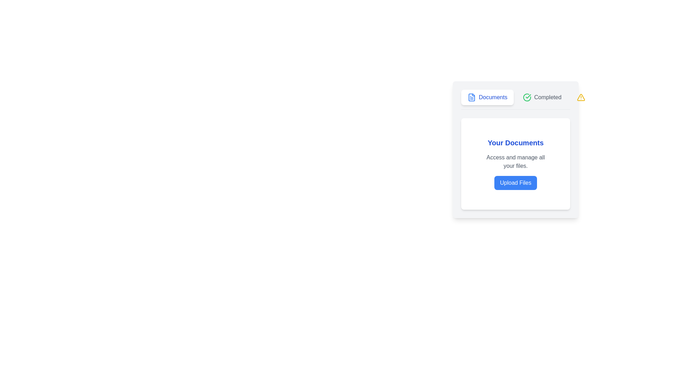  I want to click on the 'Alerts' button in the top-right of the menu bar, so click(590, 97).